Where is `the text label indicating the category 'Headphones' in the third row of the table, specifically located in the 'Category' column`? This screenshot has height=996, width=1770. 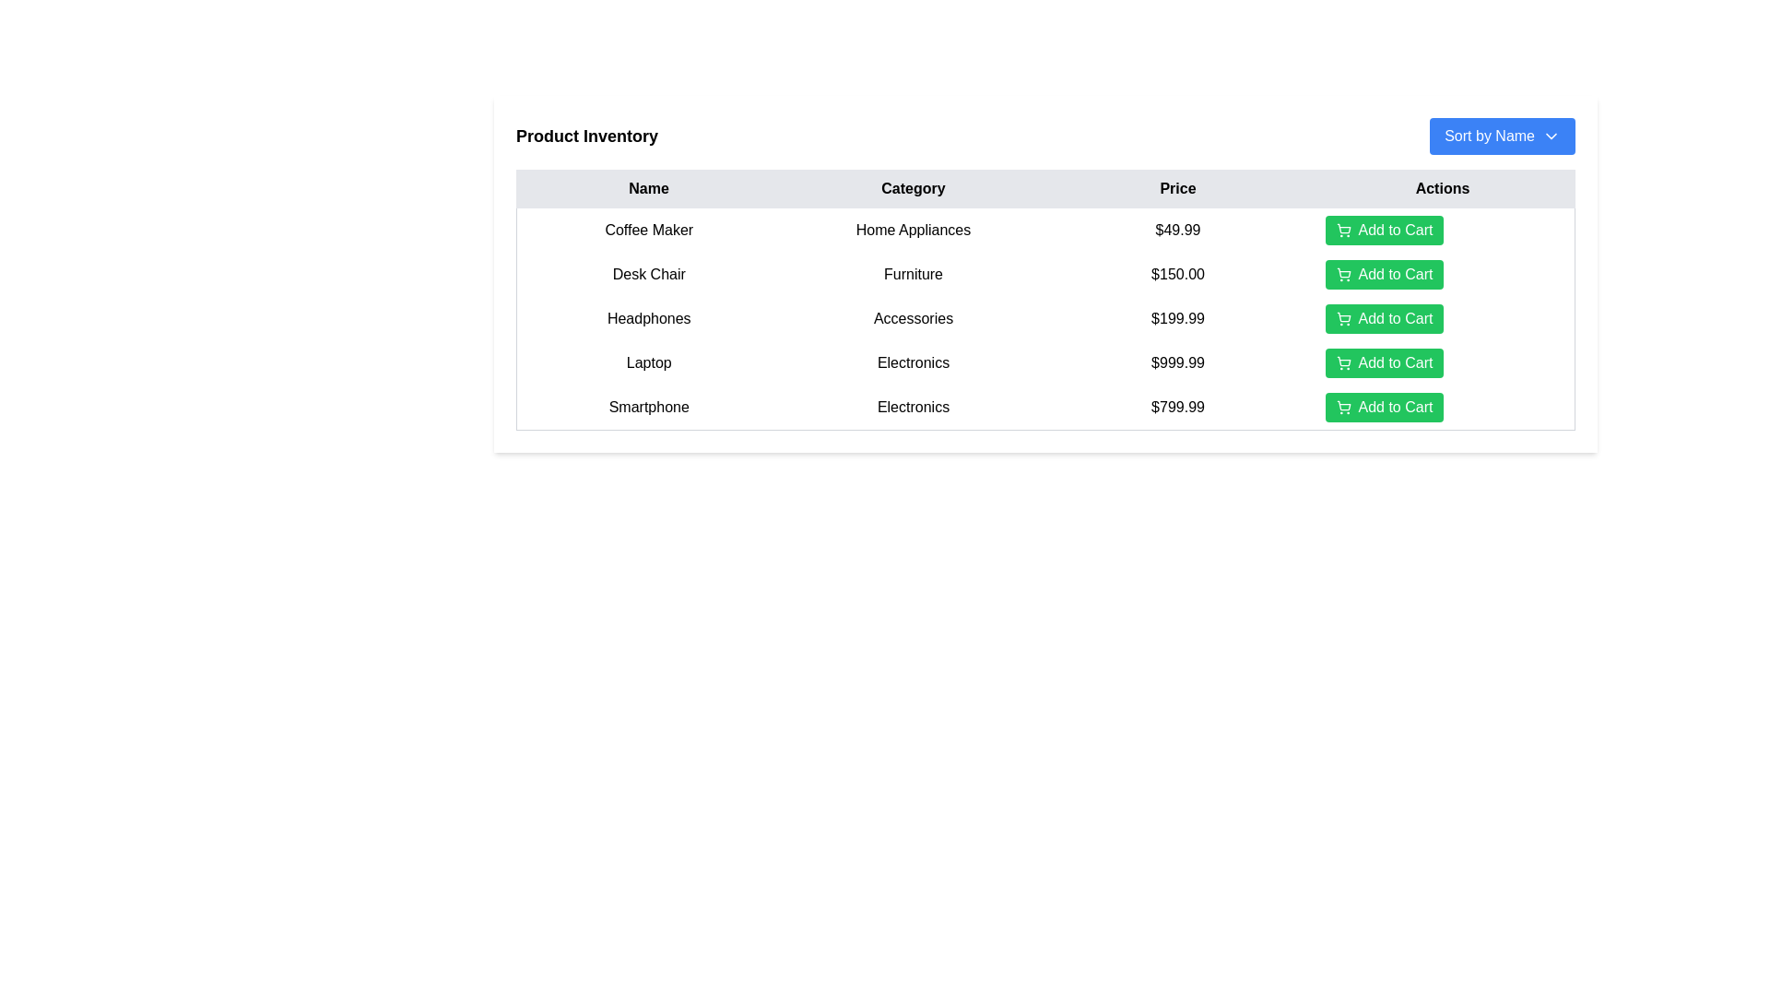
the text label indicating the category 'Headphones' in the third row of the table, specifically located in the 'Category' column is located at coordinates (913, 318).